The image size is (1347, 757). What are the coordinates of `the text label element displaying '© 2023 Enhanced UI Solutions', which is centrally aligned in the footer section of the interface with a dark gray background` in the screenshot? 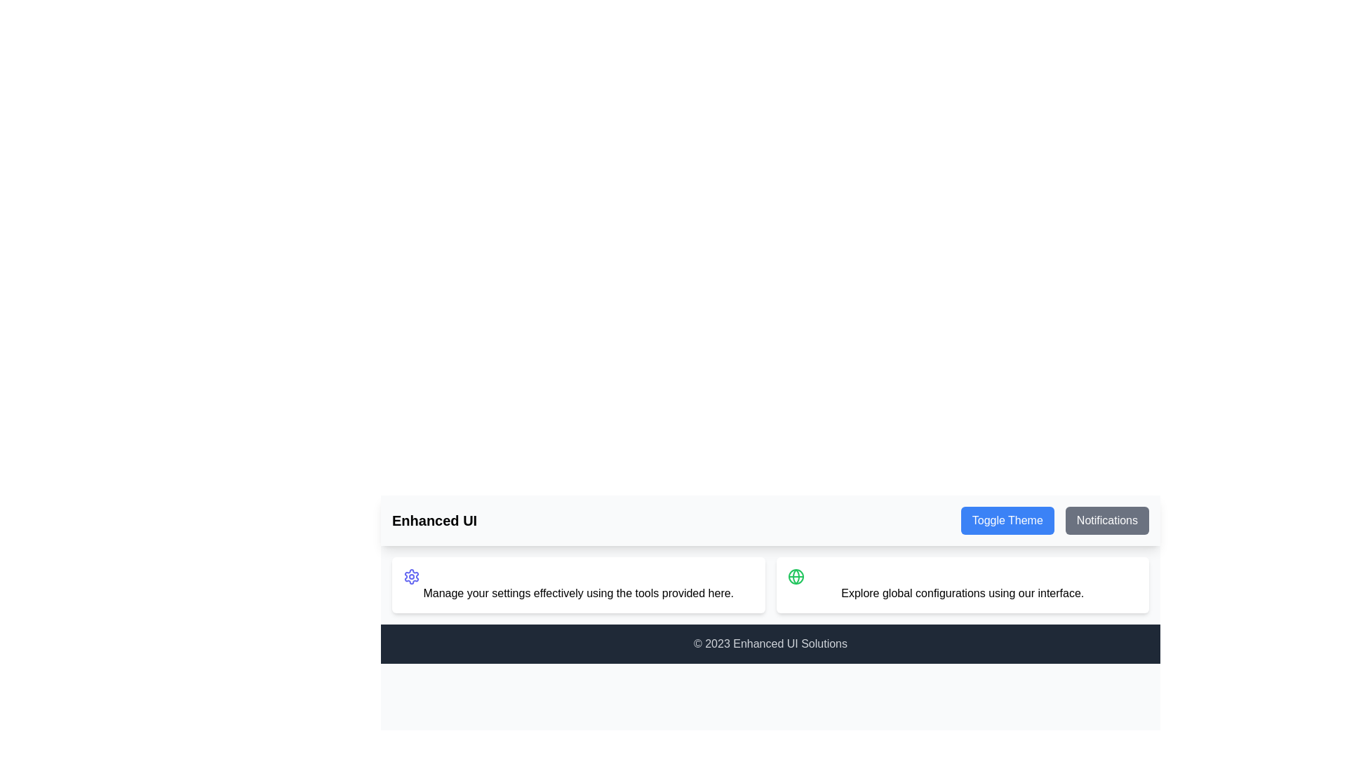 It's located at (770, 643).